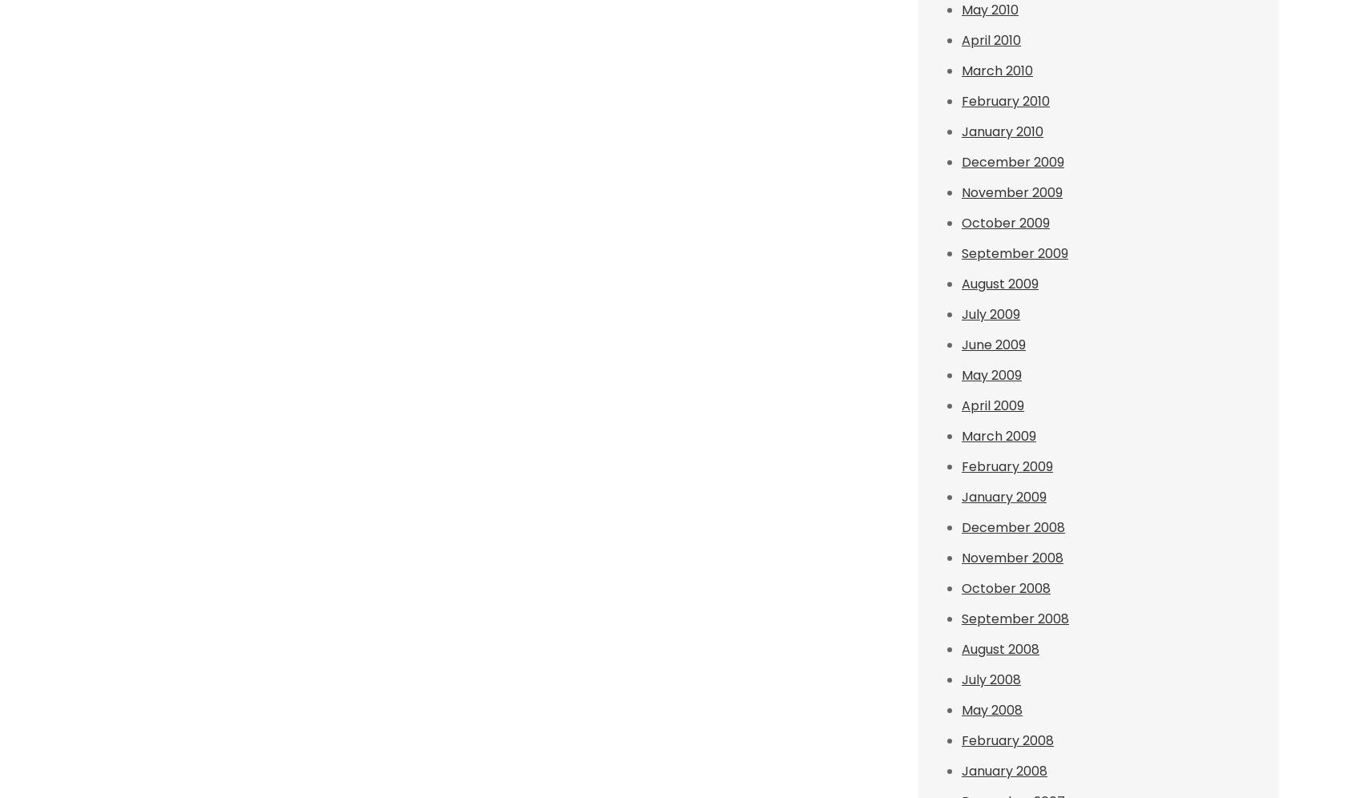  What do you see at coordinates (1005, 100) in the screenshot?
I see `'February 2010'` at bounding box center [1005, 100].